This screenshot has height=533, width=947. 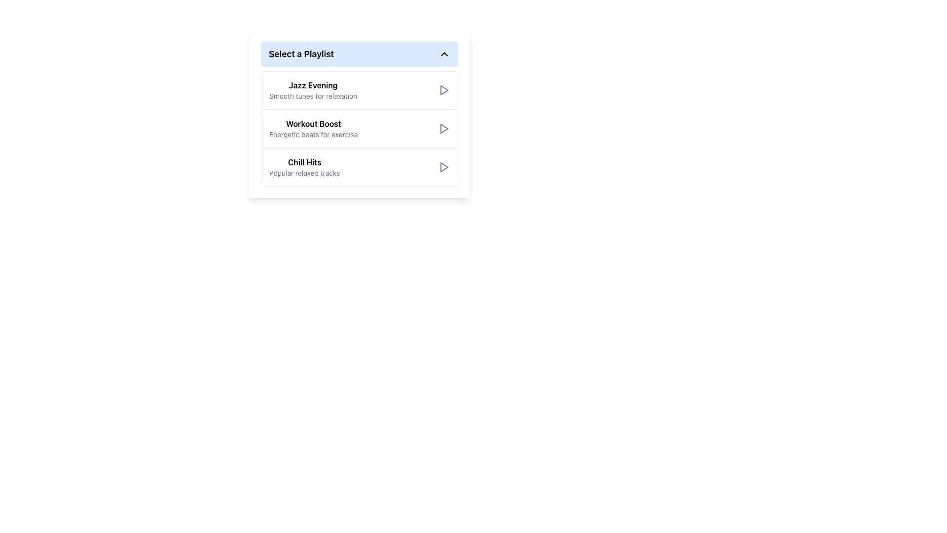 I want to click on the text element reading 'Workout Boost' which is bold and styled with 'font-semibold text-md', located in the 'Select a Playlist' card component, so click(x=313, y=123).